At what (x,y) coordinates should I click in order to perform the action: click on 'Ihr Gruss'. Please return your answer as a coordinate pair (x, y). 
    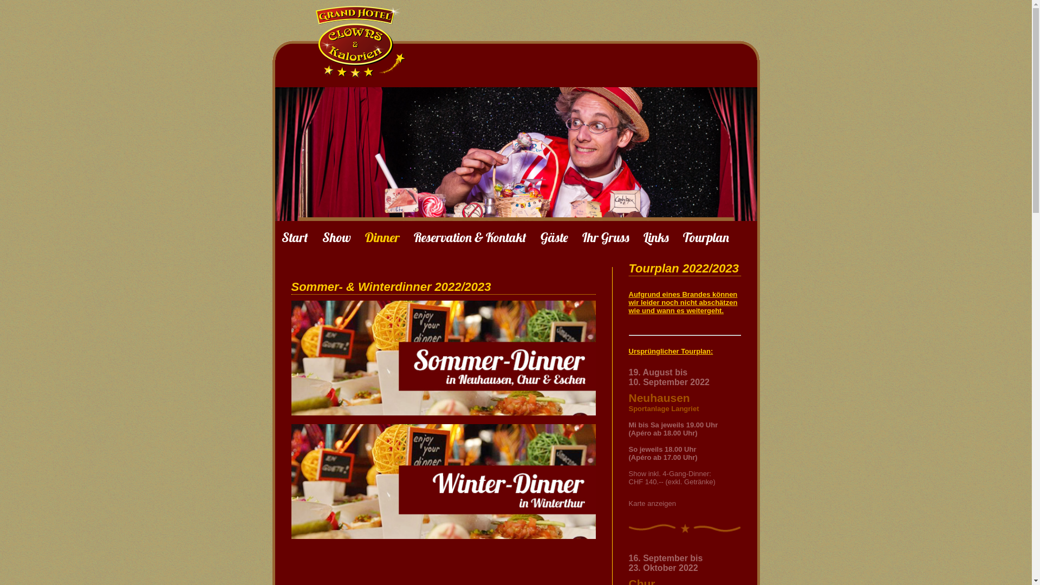
    Looking at the image, I should click on (581, 237).